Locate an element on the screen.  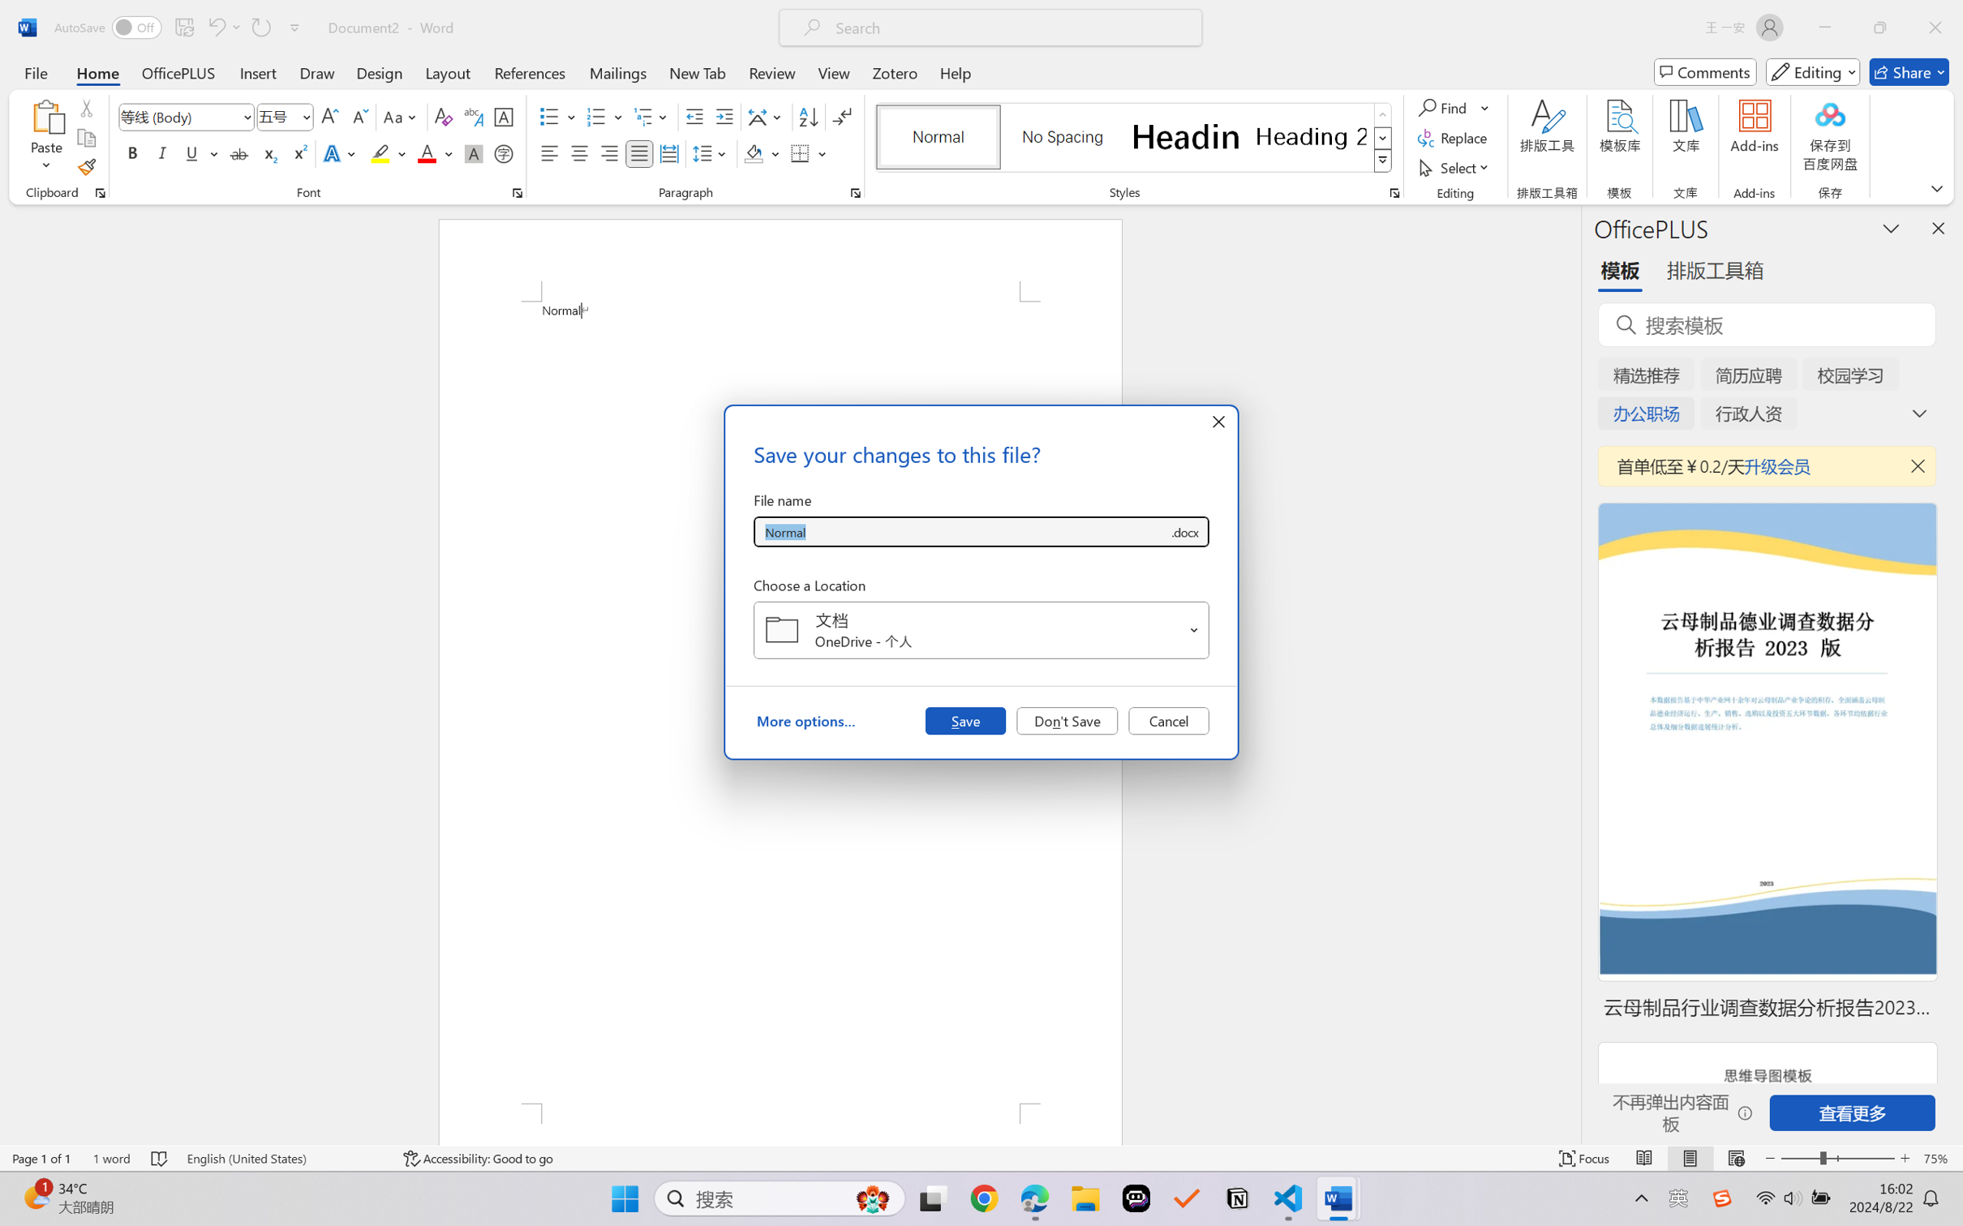
'Cancel' is located at coordinates (1168, 719).